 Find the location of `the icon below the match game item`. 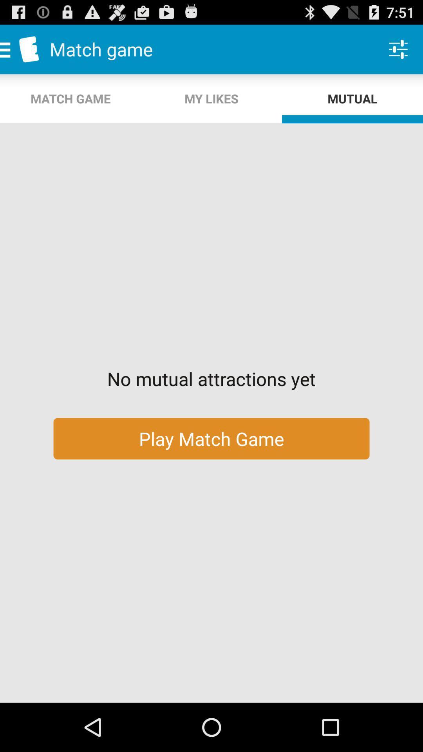

the icon below the match game item is located at coordinates (211, 98).